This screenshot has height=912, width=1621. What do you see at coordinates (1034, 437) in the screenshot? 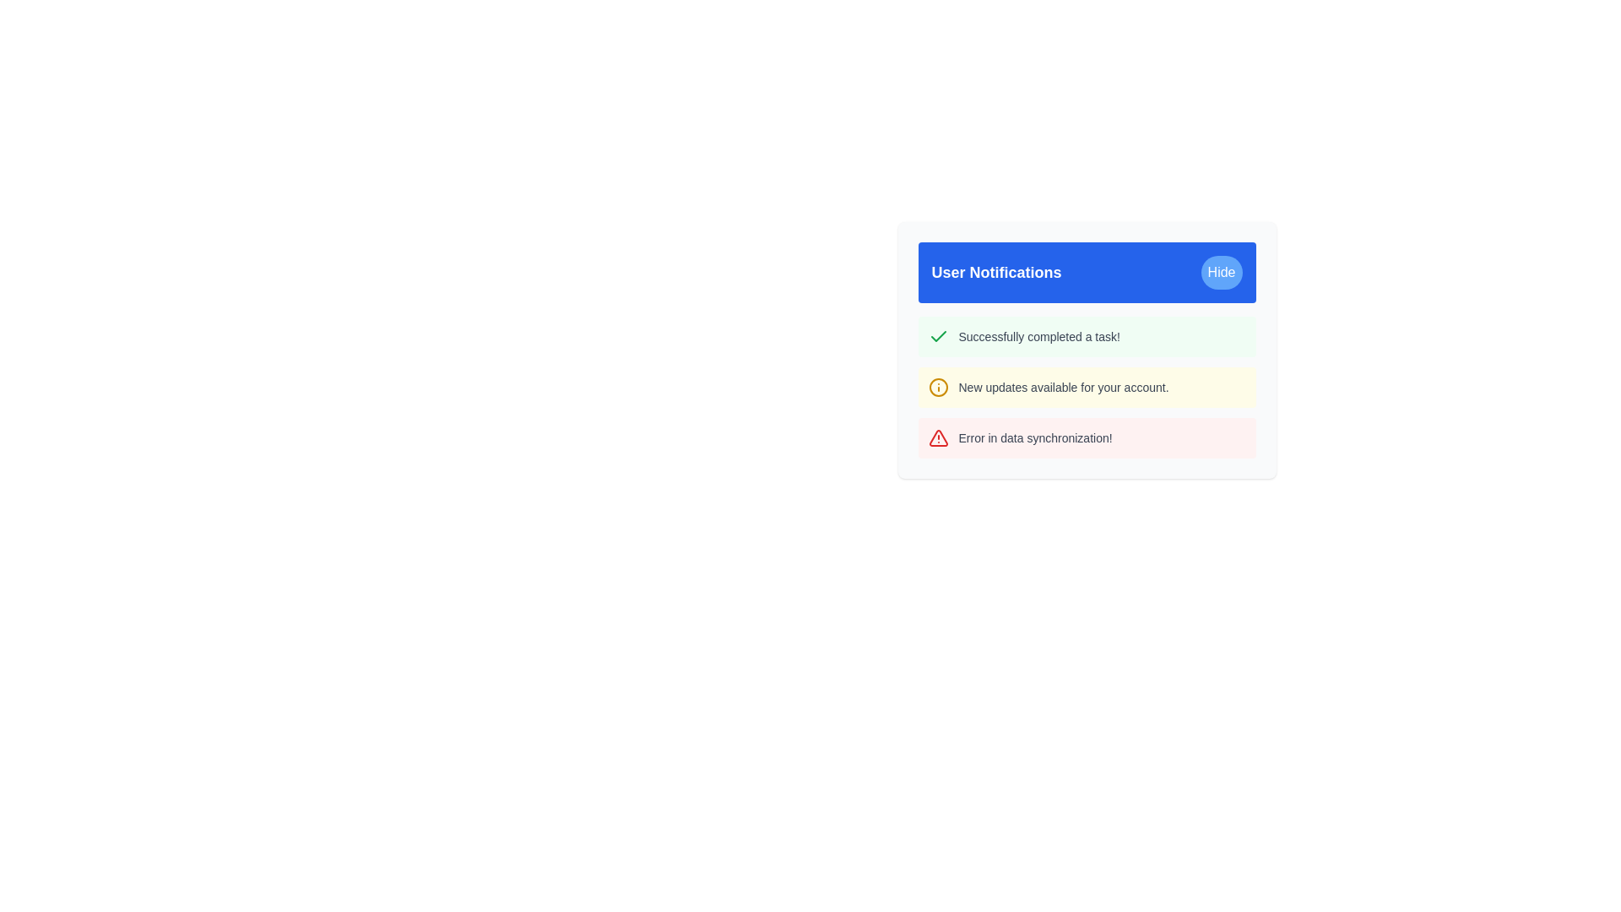
I see `the error message text label located in the third notification block under 'User Notifications', which is red-themed and follows an error icon` at bounding box center [1034, 437].